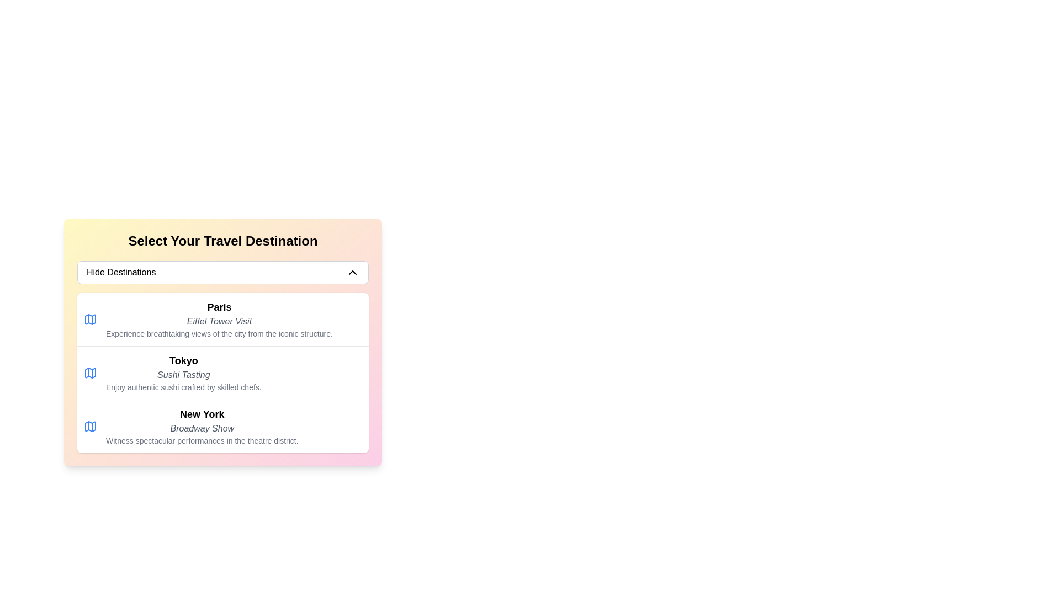 This screenshot has height=596, width=1060. What do you see at coordinates (219, 319) in the screenshot?
I see `the text block titled 'Paris', which contains the subtitle 'Eiffel Tower Visit' and a description about the views from the iconic structure` at bounding box center [219, 319].